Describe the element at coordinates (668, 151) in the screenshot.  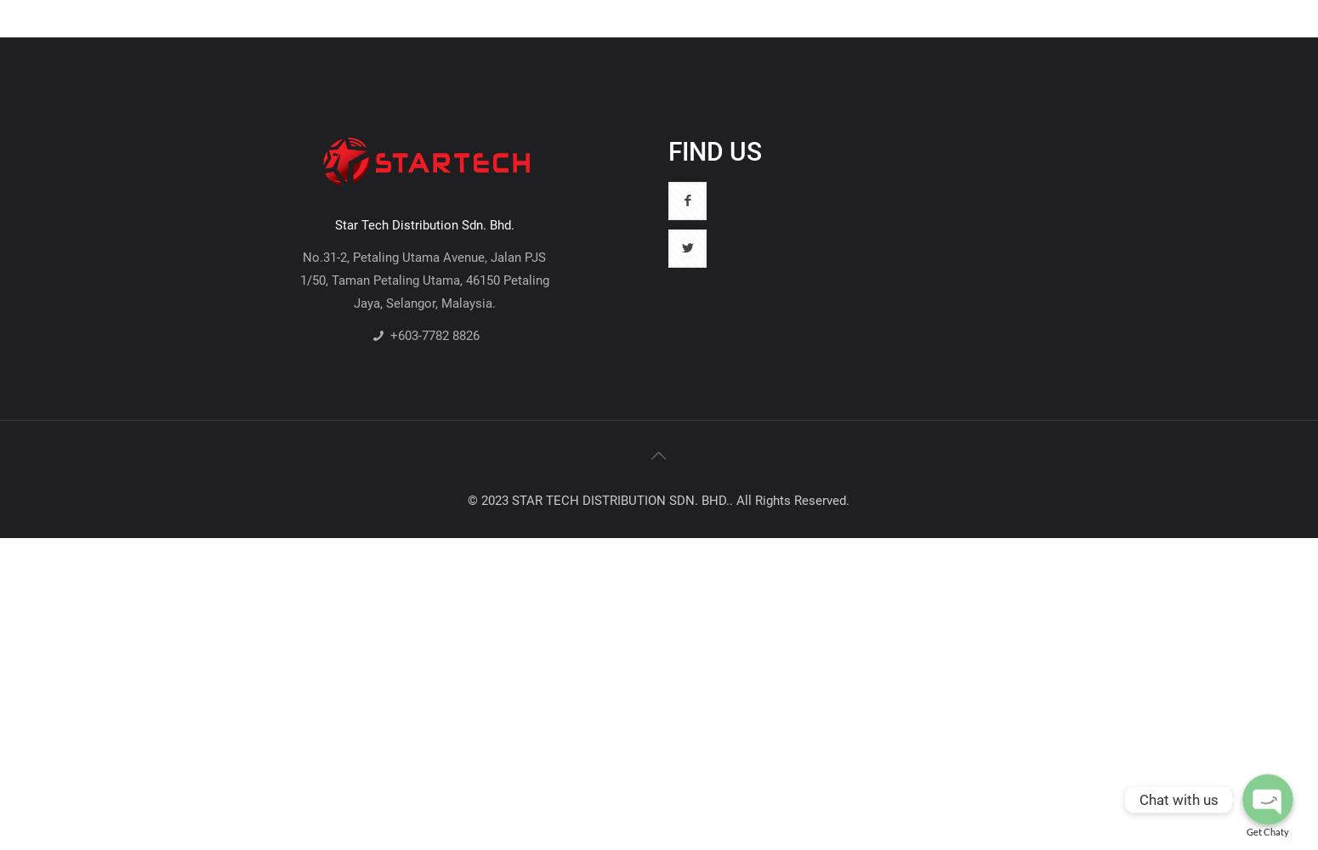
I see `'FIND US'` at that location.